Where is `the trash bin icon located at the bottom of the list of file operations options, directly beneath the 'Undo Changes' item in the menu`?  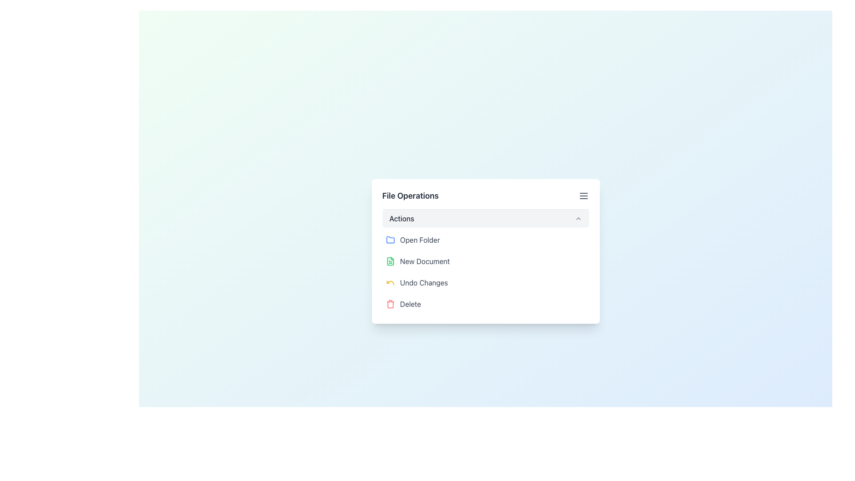
the trash bin icon located at the bottom of the list of file operations options, directly beneath the 'Undo Changes' item in the menu is located at coordinates (390, 304).